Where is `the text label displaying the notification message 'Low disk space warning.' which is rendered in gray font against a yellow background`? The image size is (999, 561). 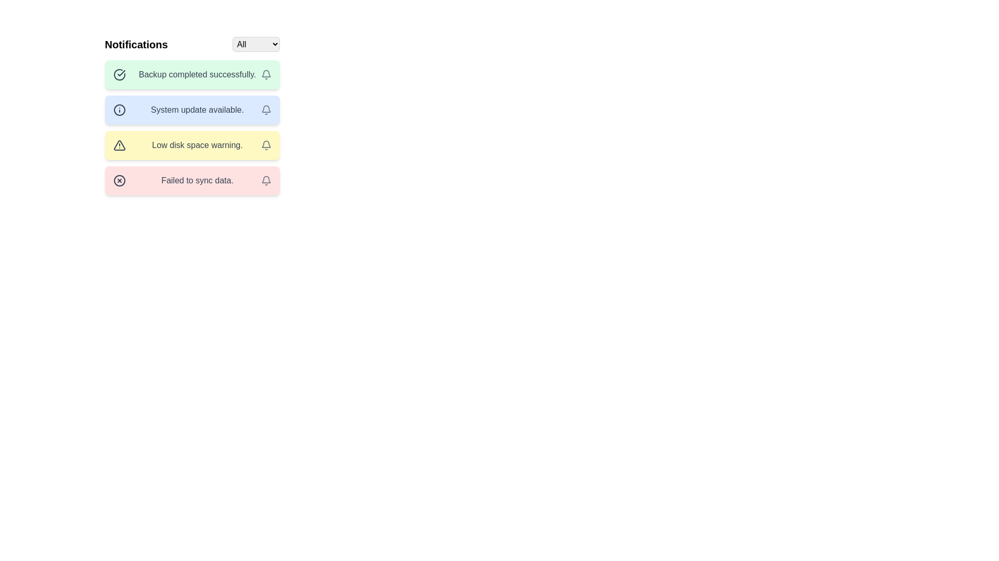 the text label displaying the notification message 'Low disk space warning.' which is rendered in gray font against a yellow background is located at coordinates (197, 145).